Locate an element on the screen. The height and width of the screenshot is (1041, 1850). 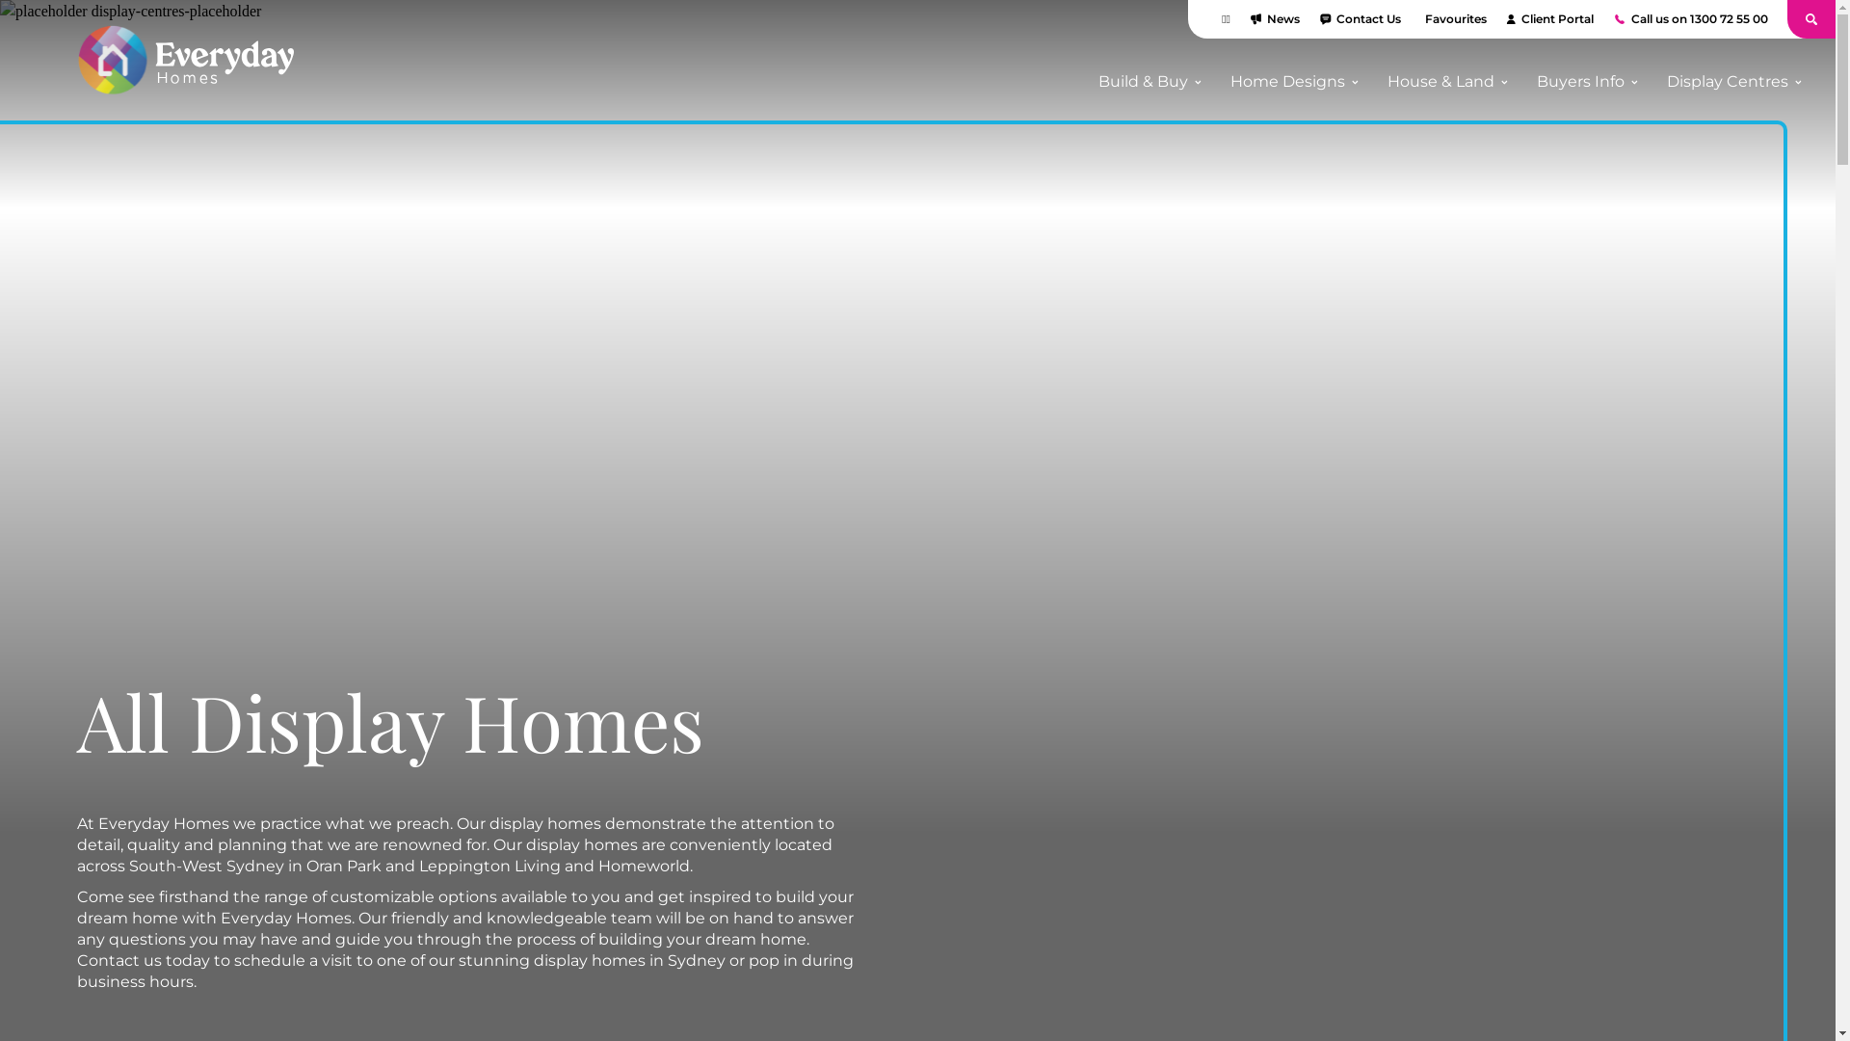
'News' is located at coordinates (1249, 18).